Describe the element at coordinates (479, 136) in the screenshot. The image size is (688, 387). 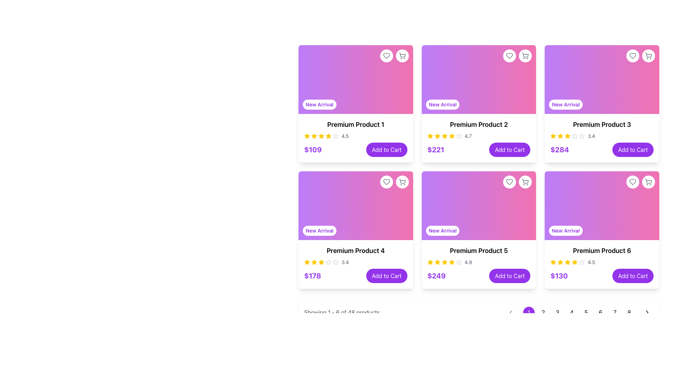
I see `the Rating display for 'Premium Product 2', which shows the product's average rating score and is located beneath the title and above the price` at that location.